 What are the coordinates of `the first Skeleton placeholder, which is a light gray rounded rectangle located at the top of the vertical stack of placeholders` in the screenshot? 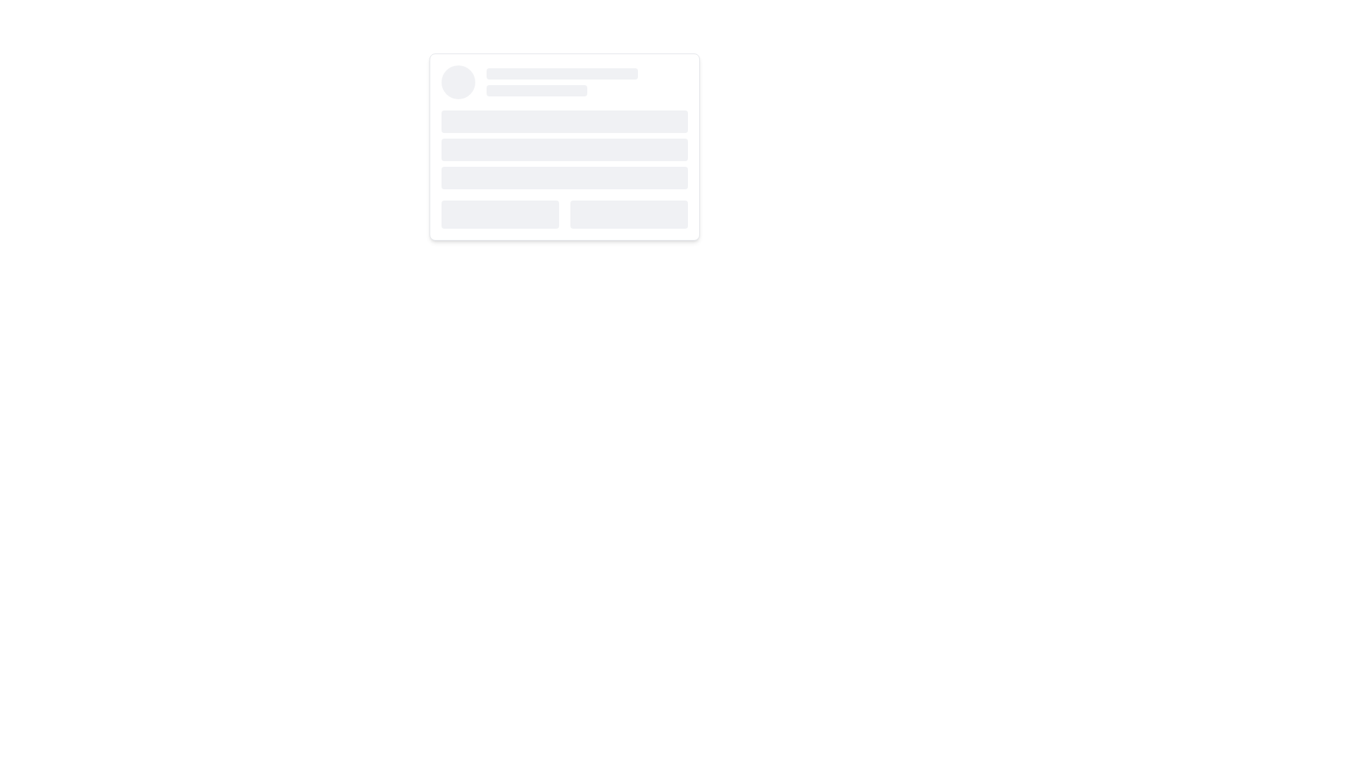 It's located at (561, 73).